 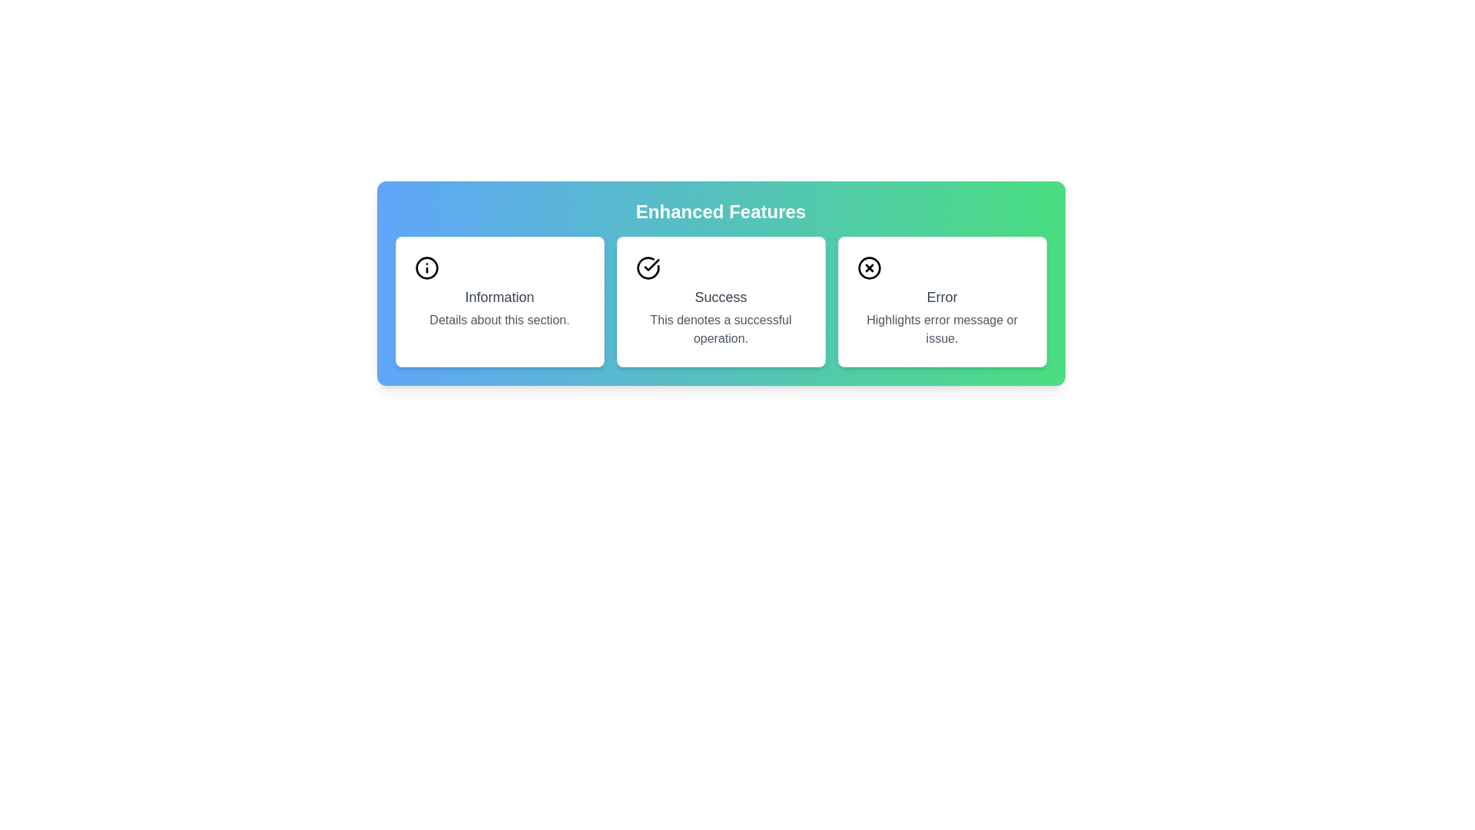 I want to click on the text label displaying 'Success' which is styled in a large, bold font and is located in the middle section of a rectangular card, so click(x=720, y=297).